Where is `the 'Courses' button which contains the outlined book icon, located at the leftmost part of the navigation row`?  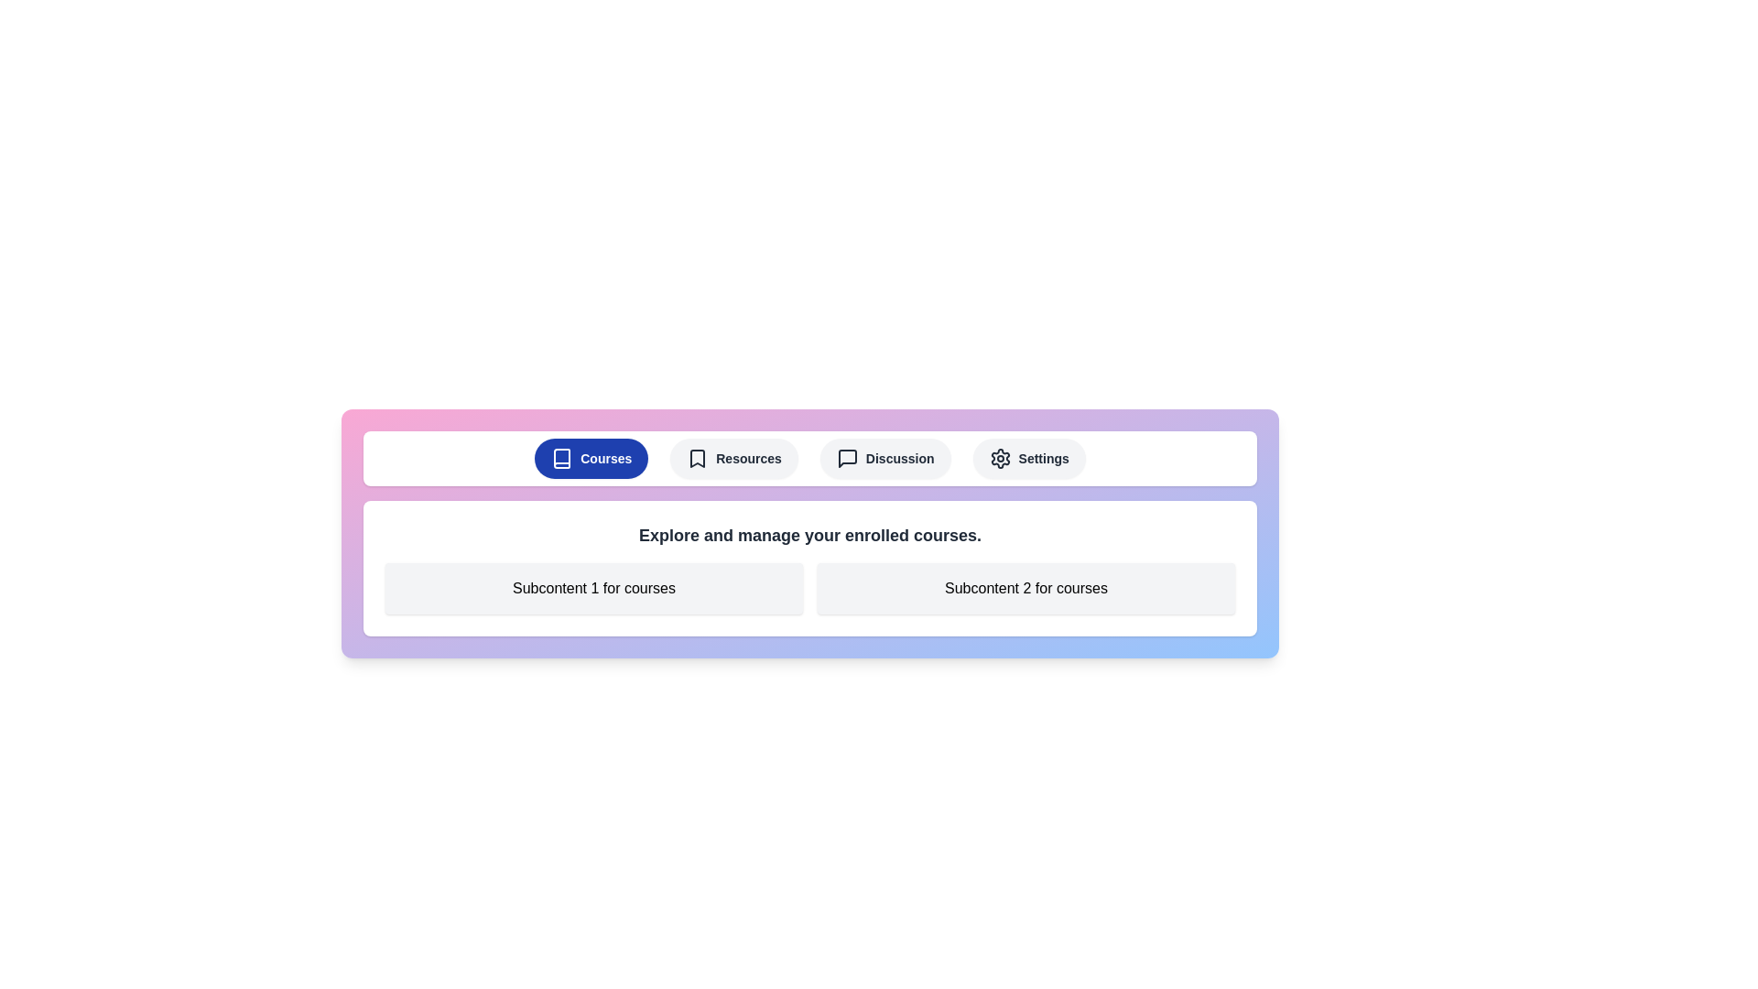
the 'Courses' button which contains the outlined book icon, located at the leftmost part of the navigation row is located at coordinates (561, 458).